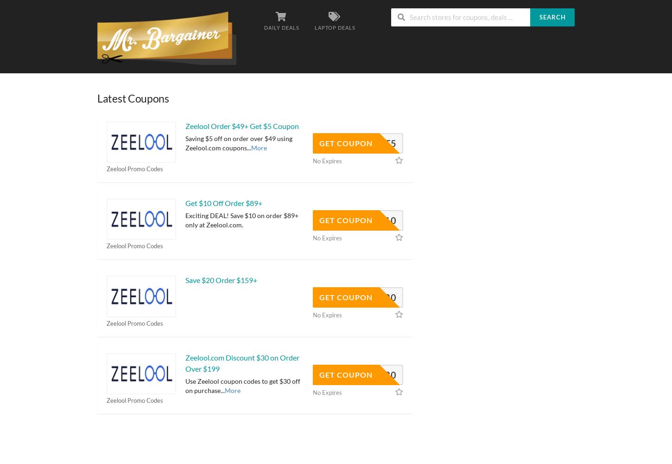 The height and width of the screenshot is (464, 672). Describe the element at coordinates (223, 202) in the screenshot. I see `'Get $10 Off Order $89+'` at that location.